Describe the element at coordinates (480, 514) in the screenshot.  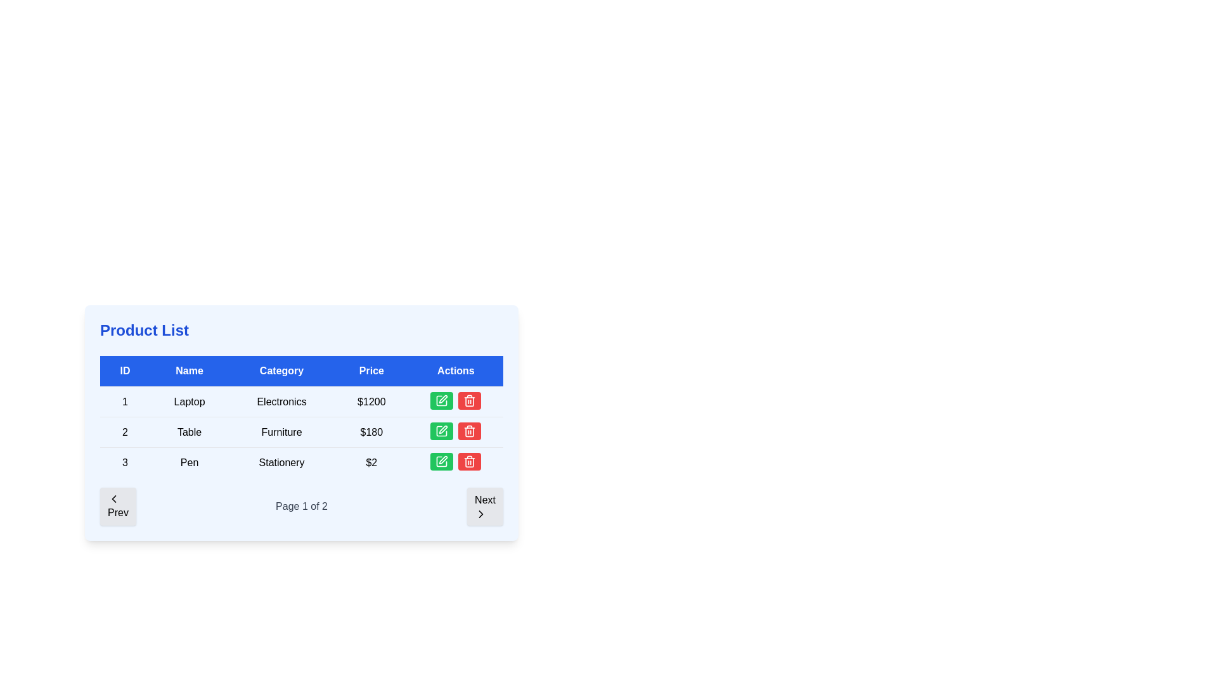
I see `the SVG icon that indicates the action of moving to the next page or section, located in the bottom-right corner adjacent to the 'Next' button` at that location.